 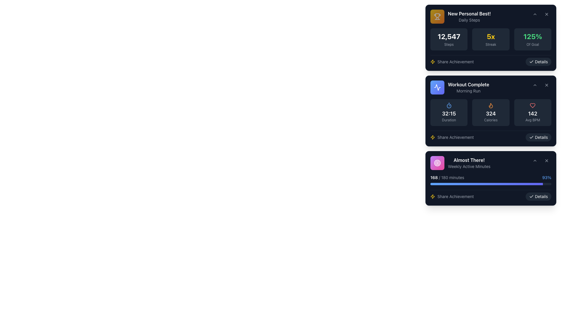 What do you see at coordinates (491, 120) in the screenshot?
I see `individual sections of the Statistical summary display located within the 'Workout Complete' card, positioned centrally below the main heading and above the action buttons` at bounding box center [491, 120].